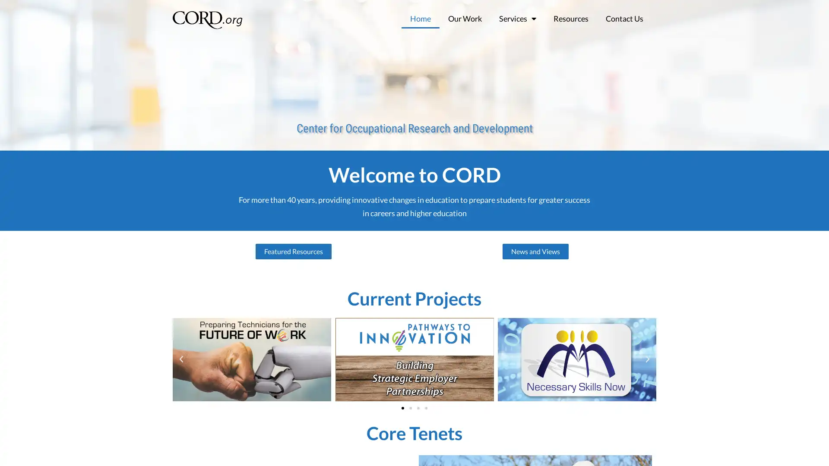  I want to click on Featured Resources, so click(294, 251).